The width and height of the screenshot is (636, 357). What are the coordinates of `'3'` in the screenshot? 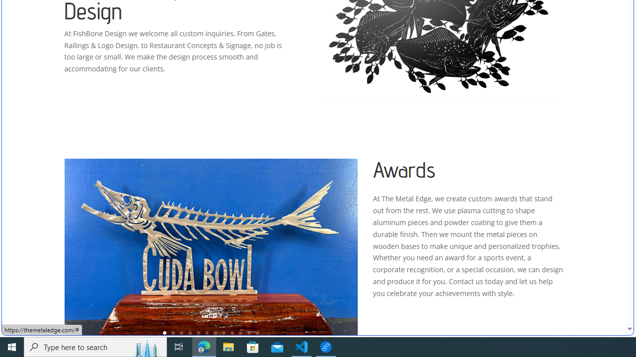 It's located at (181, 333).